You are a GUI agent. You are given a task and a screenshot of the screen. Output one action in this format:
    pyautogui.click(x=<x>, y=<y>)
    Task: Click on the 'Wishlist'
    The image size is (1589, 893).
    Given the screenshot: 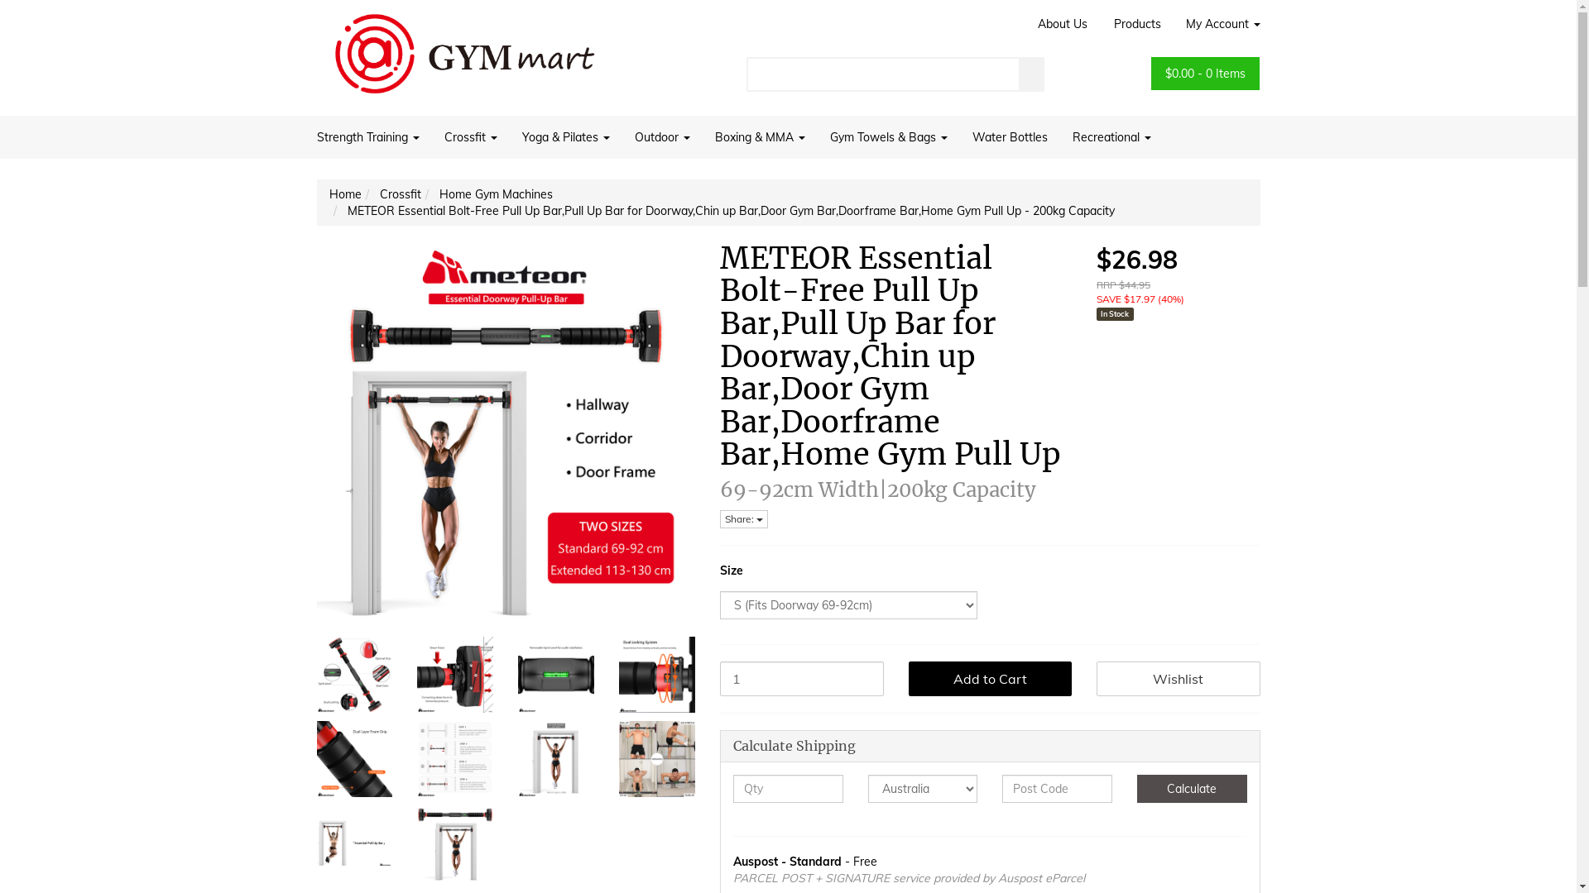 What is the action you would take?
    pyautogui.click(x=1178, y=679)
    